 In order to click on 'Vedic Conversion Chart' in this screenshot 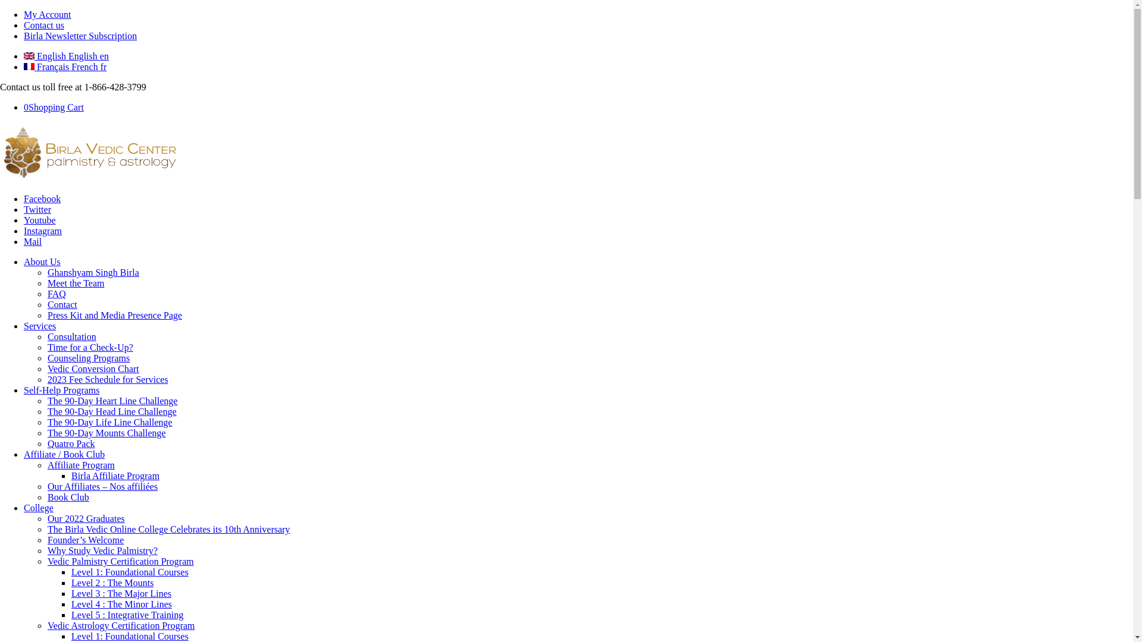, I will do `click(93, 368)`.